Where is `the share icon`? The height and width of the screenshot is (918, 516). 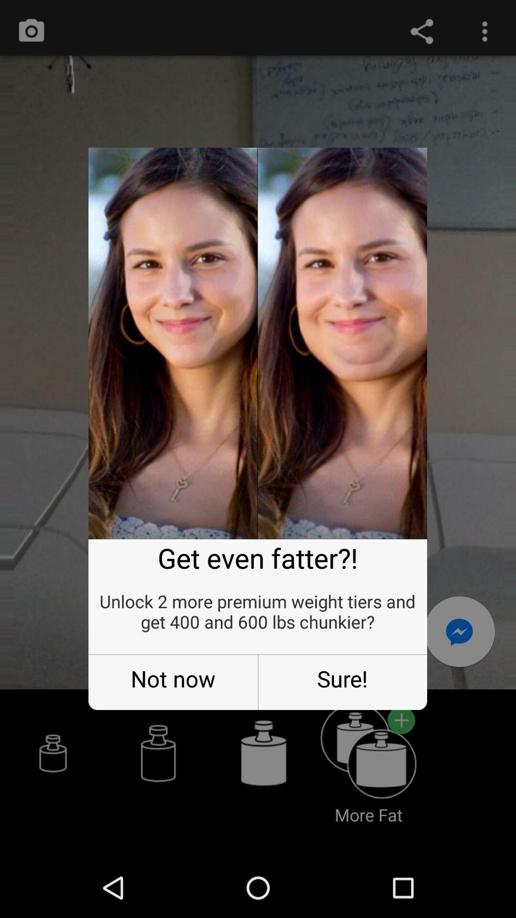 the share icon is located at coordinates (421, 33).